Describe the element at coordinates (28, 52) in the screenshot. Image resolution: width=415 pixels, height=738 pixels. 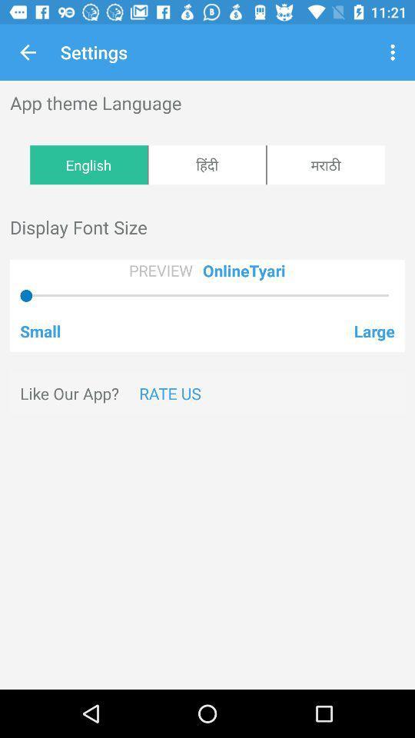
I see `icon to the left of settings app` at that location.